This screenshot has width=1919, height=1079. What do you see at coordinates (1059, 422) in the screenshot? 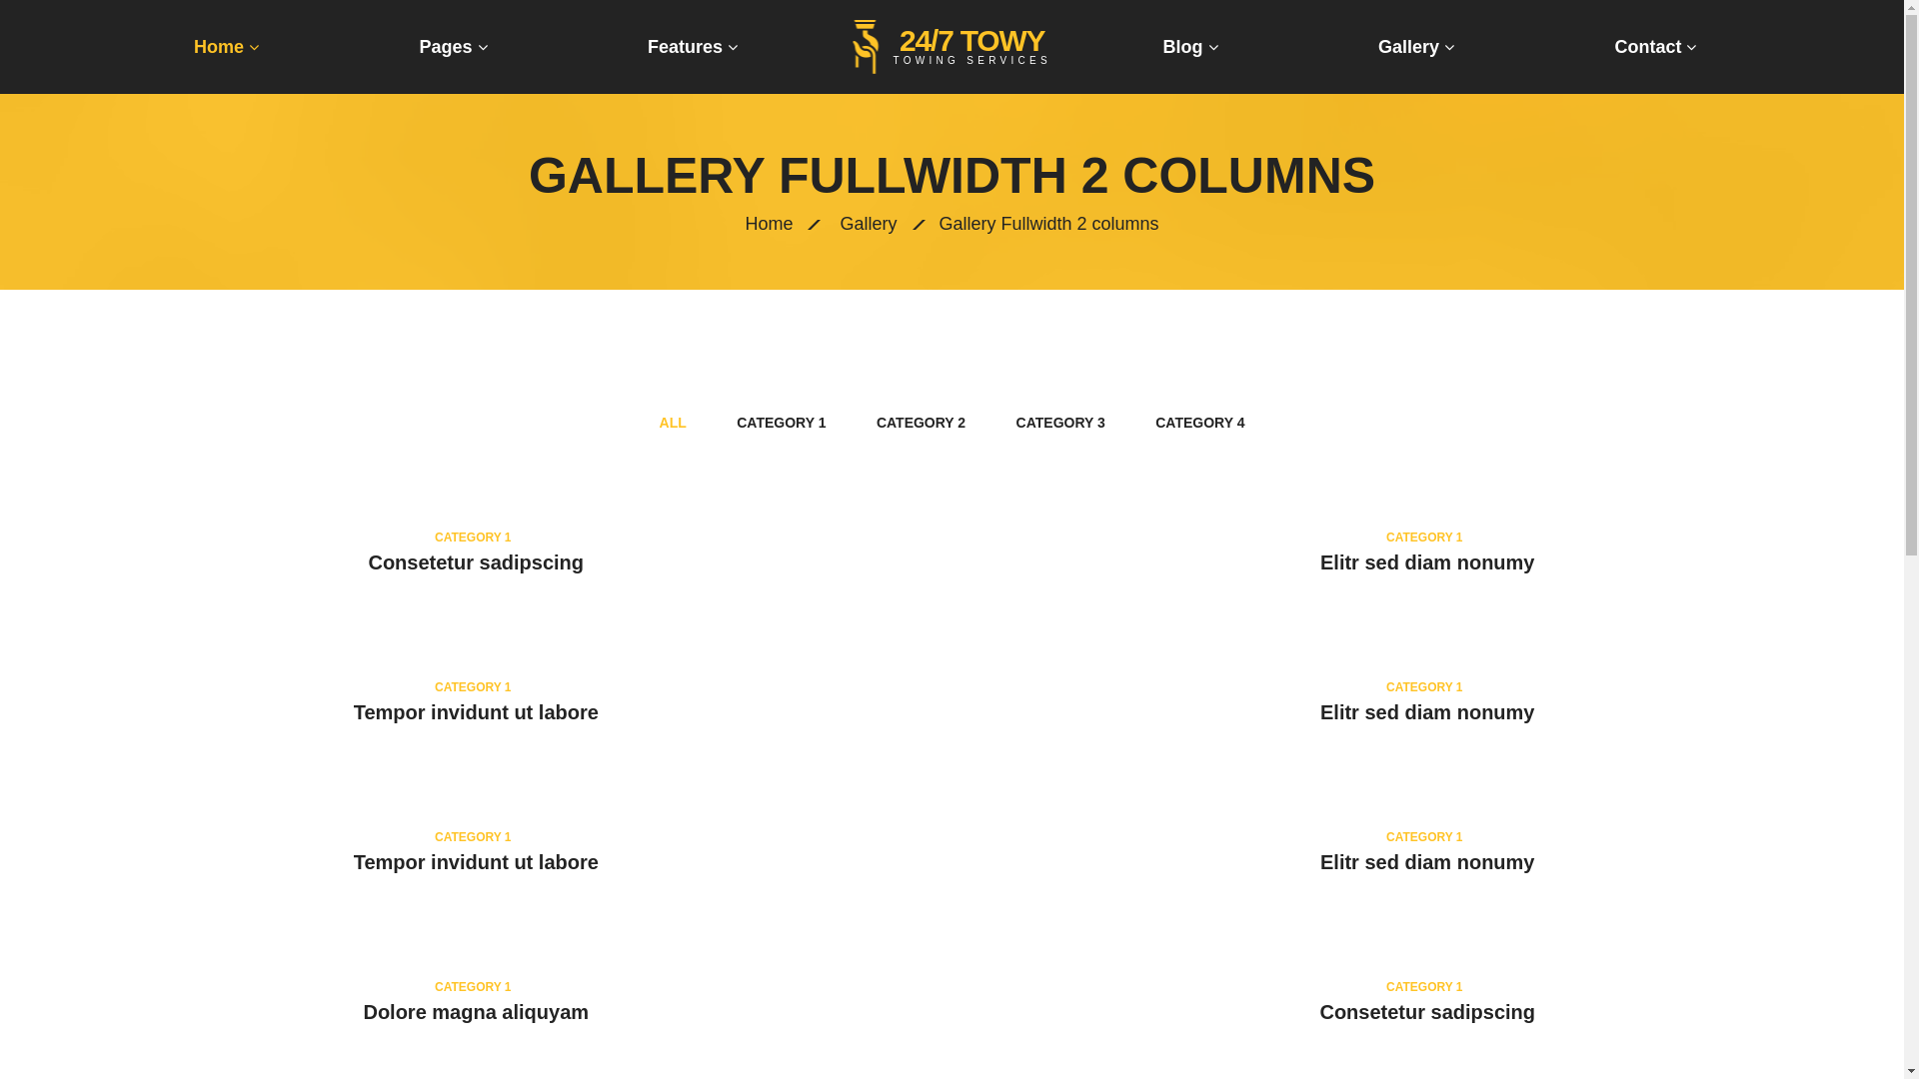
I see `'CATEGORY 3'` at bounding box center [1059, 422].